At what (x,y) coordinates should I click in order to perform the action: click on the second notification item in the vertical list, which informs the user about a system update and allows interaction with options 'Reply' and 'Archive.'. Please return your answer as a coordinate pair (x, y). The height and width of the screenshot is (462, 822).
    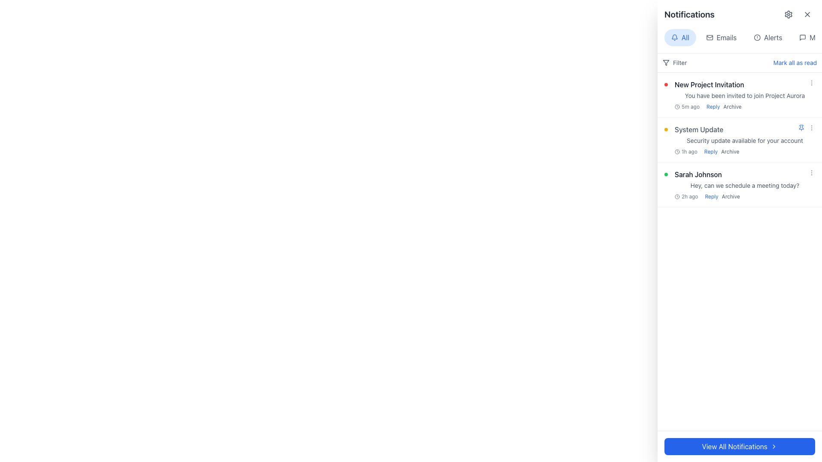
    Looking at the image, I should click on (744, 139).